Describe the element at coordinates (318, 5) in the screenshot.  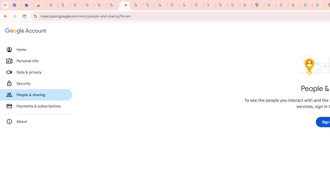
I see `'Safety in Our Products - Google Safety Center'` at that location.